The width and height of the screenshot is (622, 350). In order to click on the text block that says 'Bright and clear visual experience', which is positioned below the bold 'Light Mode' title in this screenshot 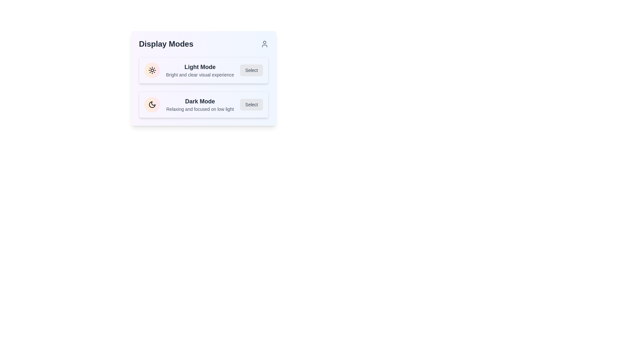, I will do `click(200, 75)`.